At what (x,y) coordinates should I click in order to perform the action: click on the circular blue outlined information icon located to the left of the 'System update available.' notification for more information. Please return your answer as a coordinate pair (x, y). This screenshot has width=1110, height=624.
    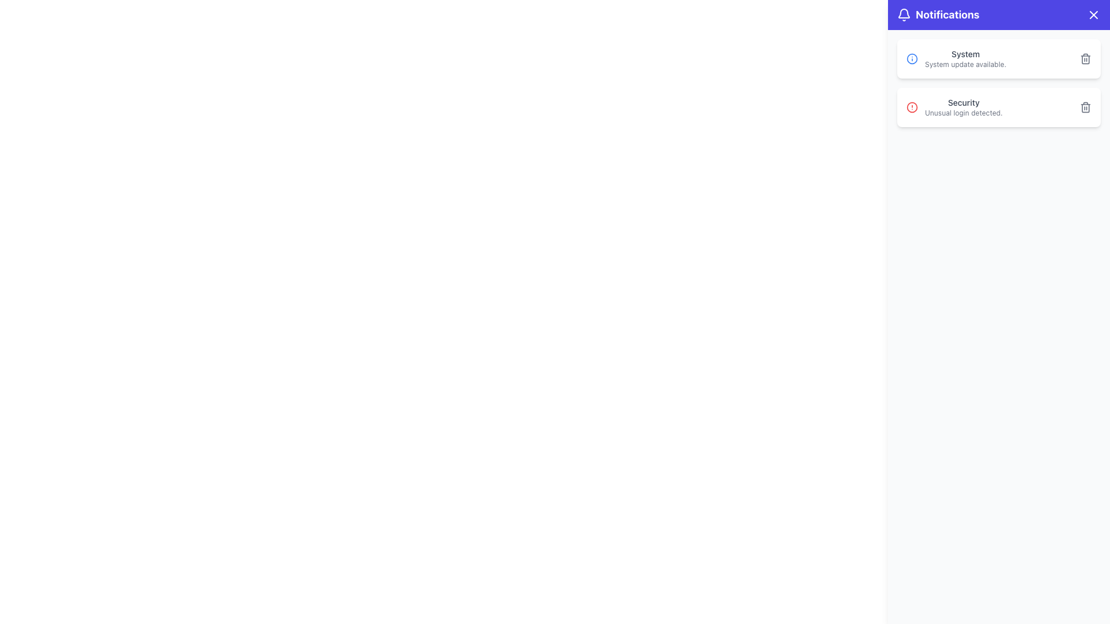
    Looking at the image, I should click on (912, 58).